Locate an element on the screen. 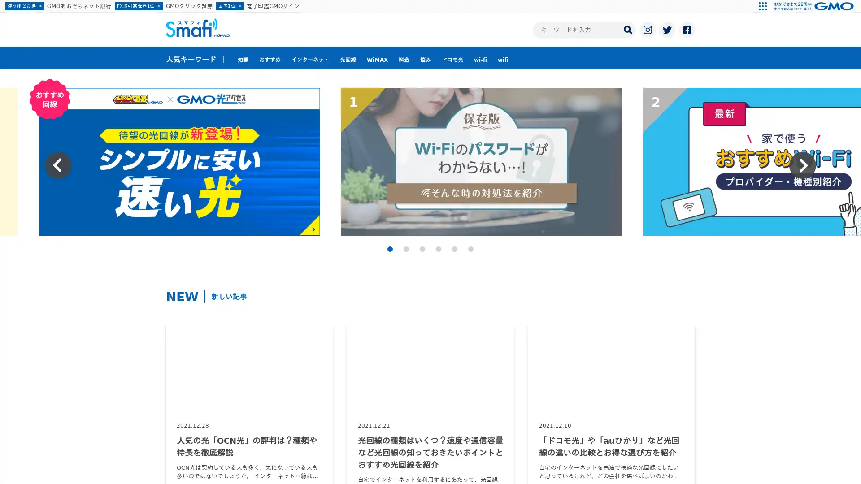 This screenshot has width=861, height=484. search is located at coordinates (627, 29).